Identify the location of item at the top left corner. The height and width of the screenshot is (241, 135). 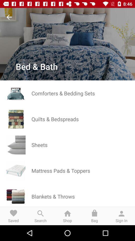
(9, 17).